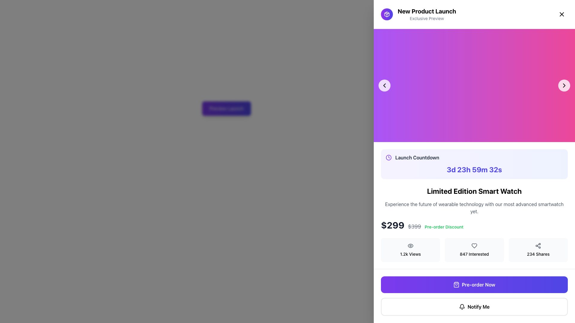 This screenshot has height=323, width=575. Describe the element at coordinates (388, 157) in the screenshot. I see `the Icon that symbolizes the countdown timer, located to the far left of the 'Launch Countdown' label` at that location.